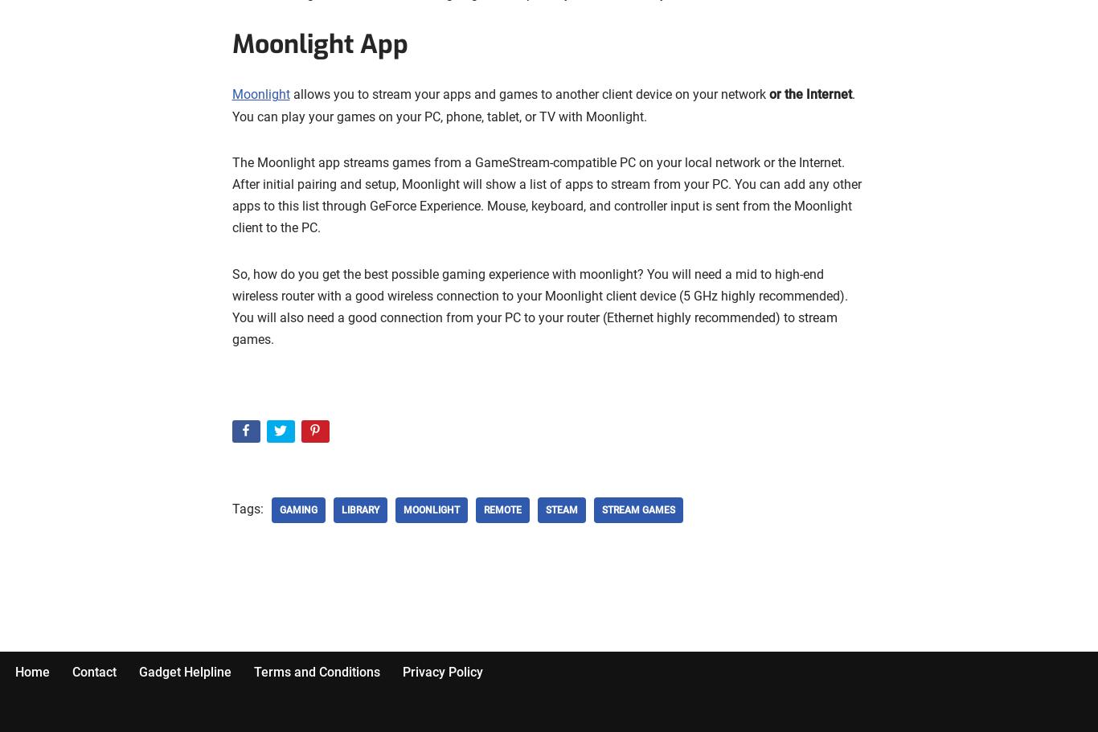  What do you see at coordinates (537, 161) in the screenshot?
I see `'The Moonlight app streams games from a GameStream-compatible PC on your local network or the Internet.'` at bounding box center [537, 161].